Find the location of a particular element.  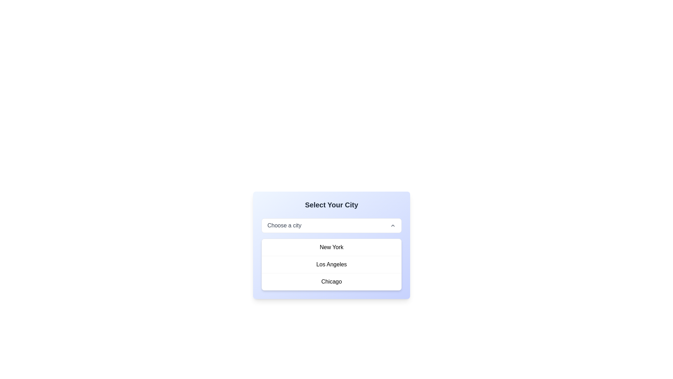

the selectable city option 'Los Angeles' in the dropdown menu is located at coordinates (331, 264).